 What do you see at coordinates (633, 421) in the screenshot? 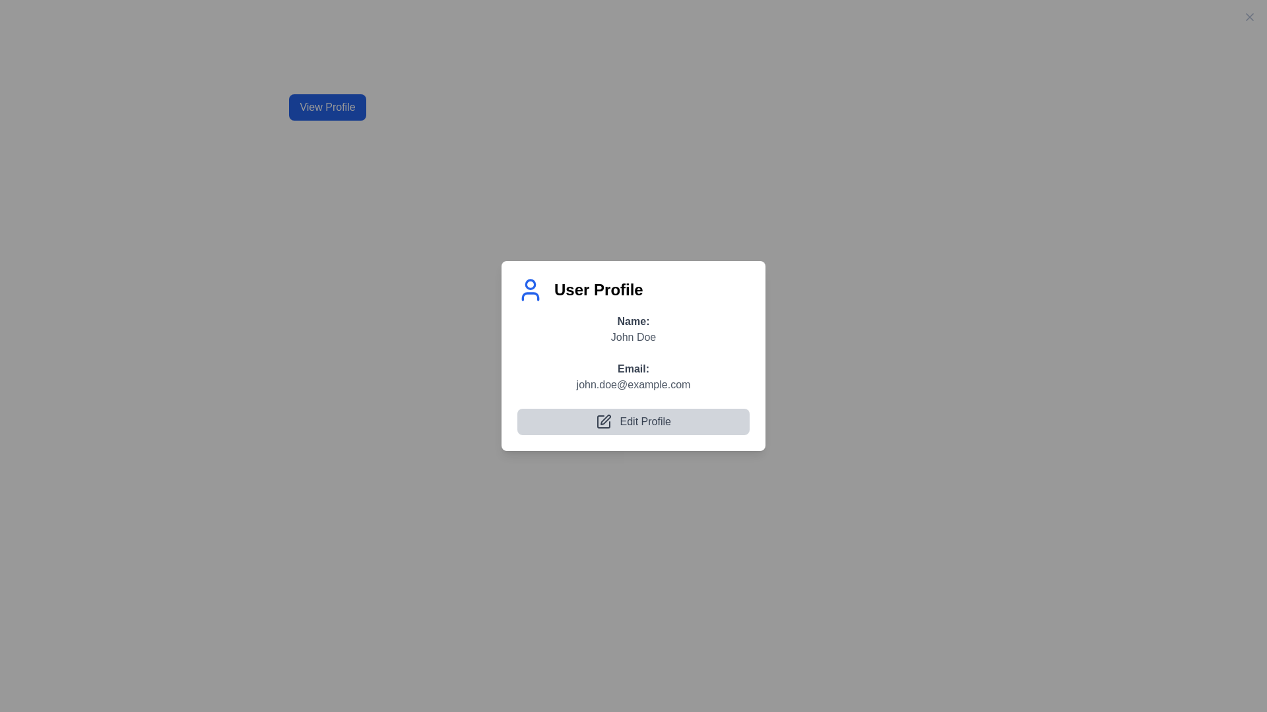
I see `the edit profile button located at the bottom of the user profile card, directly below the email information` at bounding box center [633, 421].